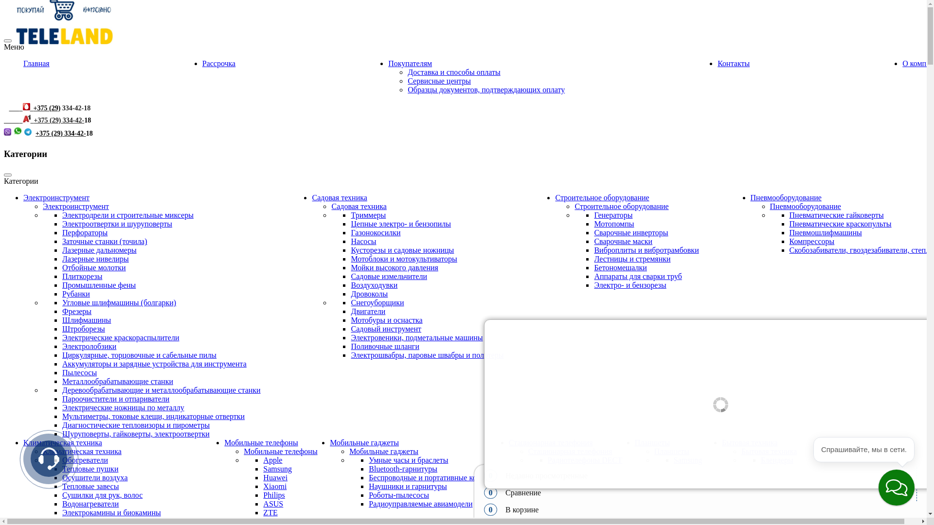 This screenshot has width=934, height=525. What do you see at coordinates (275, 477) in the screenshot?
I see `'Huawei'` at bounding box center [275, 477].